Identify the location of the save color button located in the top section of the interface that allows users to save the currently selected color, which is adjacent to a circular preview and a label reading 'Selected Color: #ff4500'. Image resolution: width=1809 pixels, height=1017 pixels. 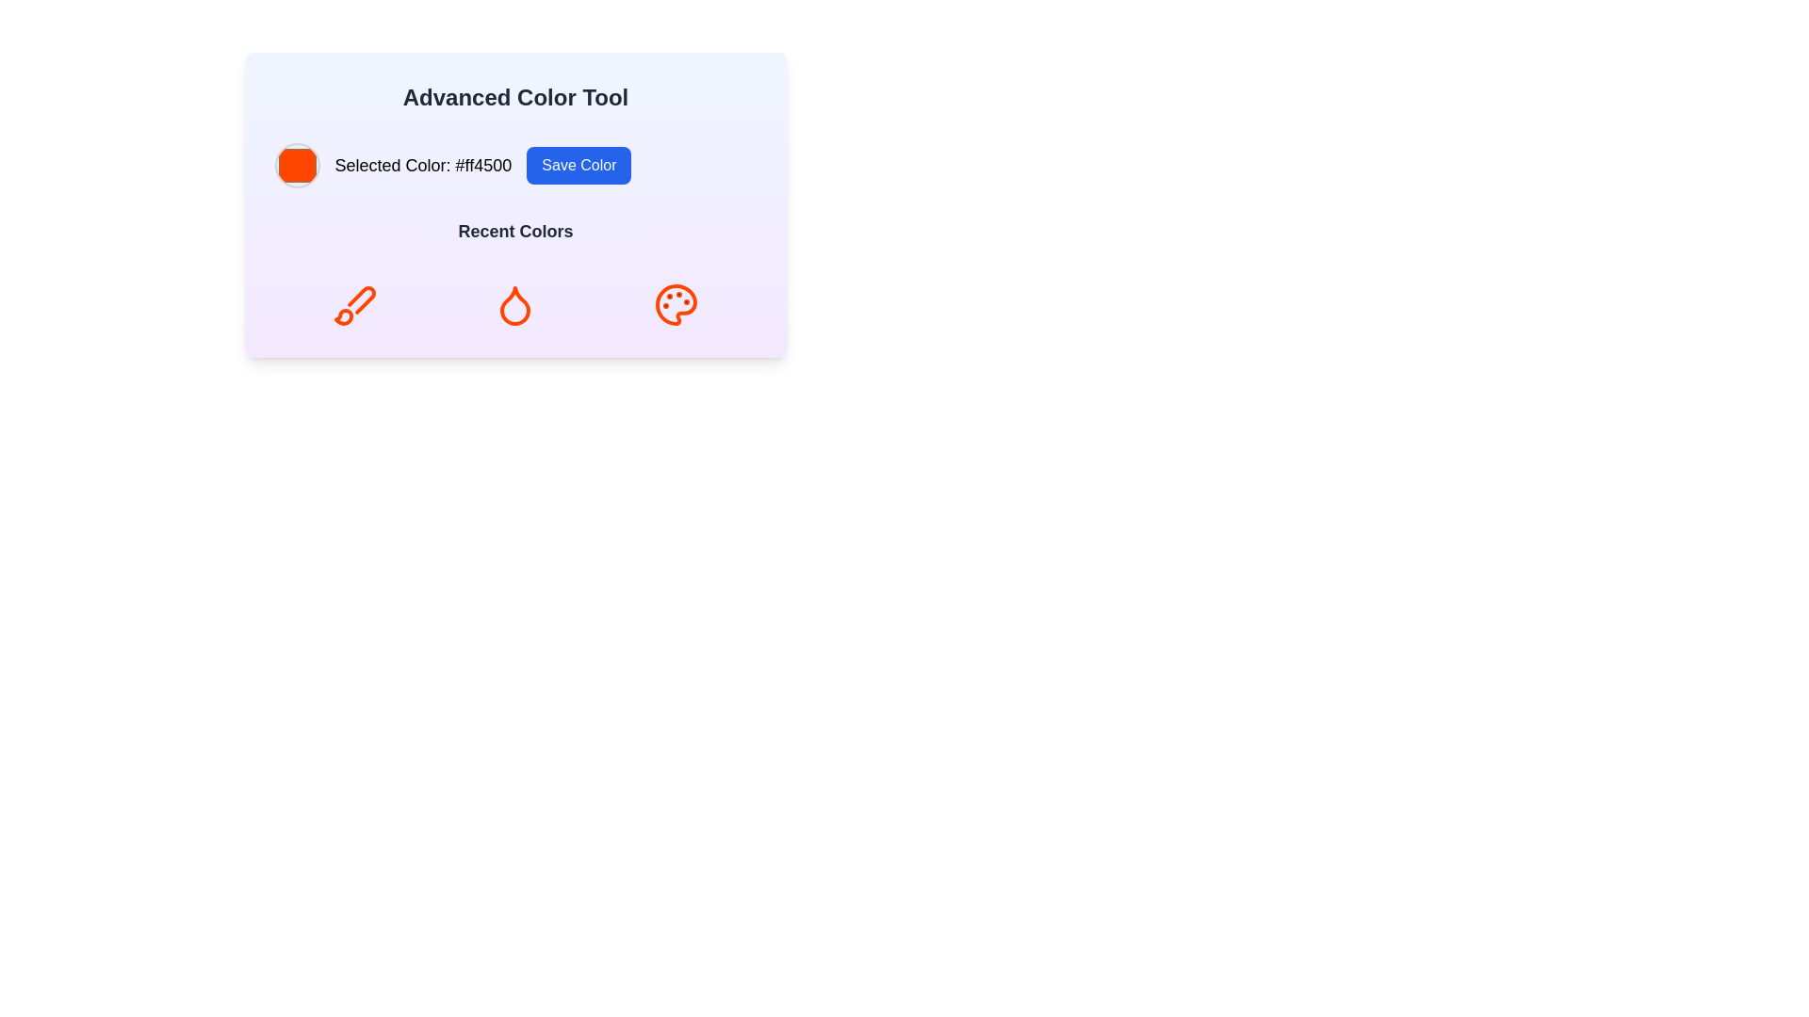
(578, 165).